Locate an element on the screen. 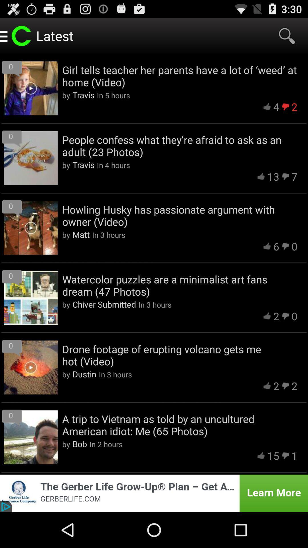 The image size is (308, 548). 1 is located at coordinates (294, 455).